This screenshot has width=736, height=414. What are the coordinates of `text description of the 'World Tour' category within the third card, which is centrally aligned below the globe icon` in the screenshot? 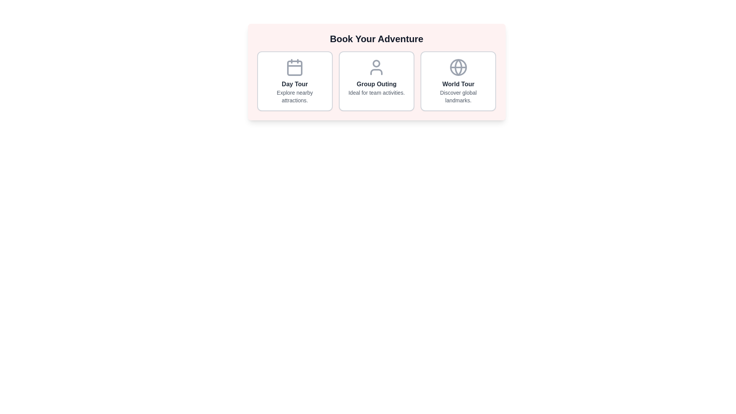 It's located at (458, 91).